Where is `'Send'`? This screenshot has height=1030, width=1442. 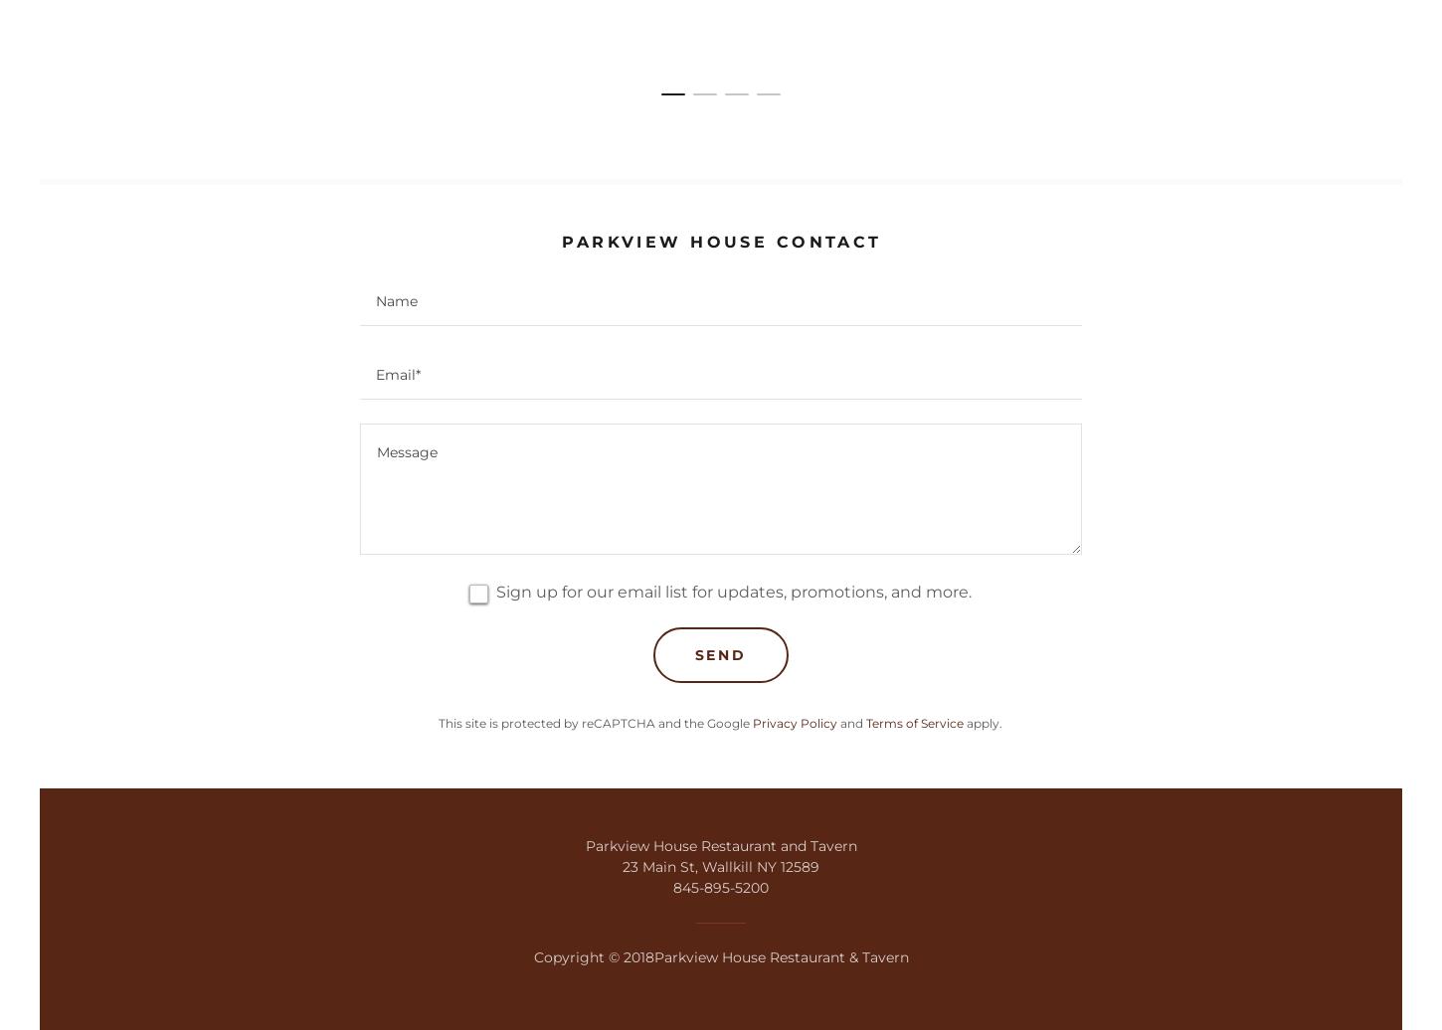 'Send' is located at coordinates (719, 653).